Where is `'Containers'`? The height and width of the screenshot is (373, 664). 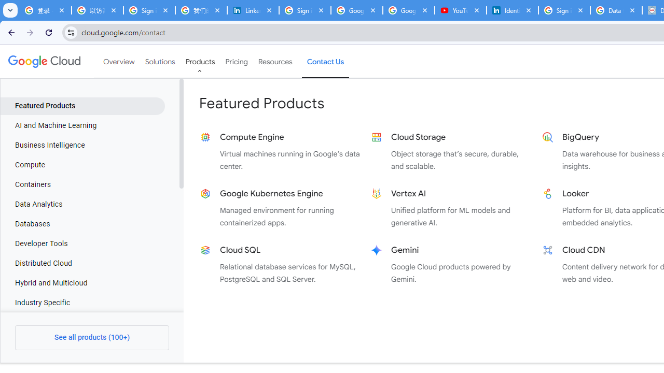 'Containers' is located at coordinates (82, 184).